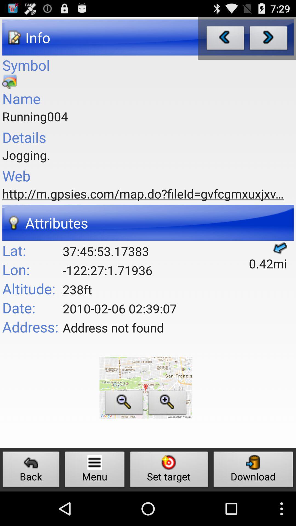  What do you see at coordinates (225, 39) in the screenshot?
I see `go back` at bounding box center [225, 39].